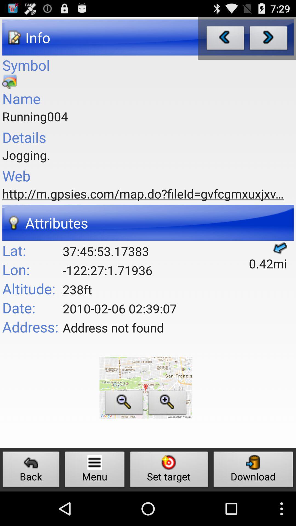  What do you see at coordinates (225, 39) in the screenshot?
I see `go back` at bounding box center [225, 39].